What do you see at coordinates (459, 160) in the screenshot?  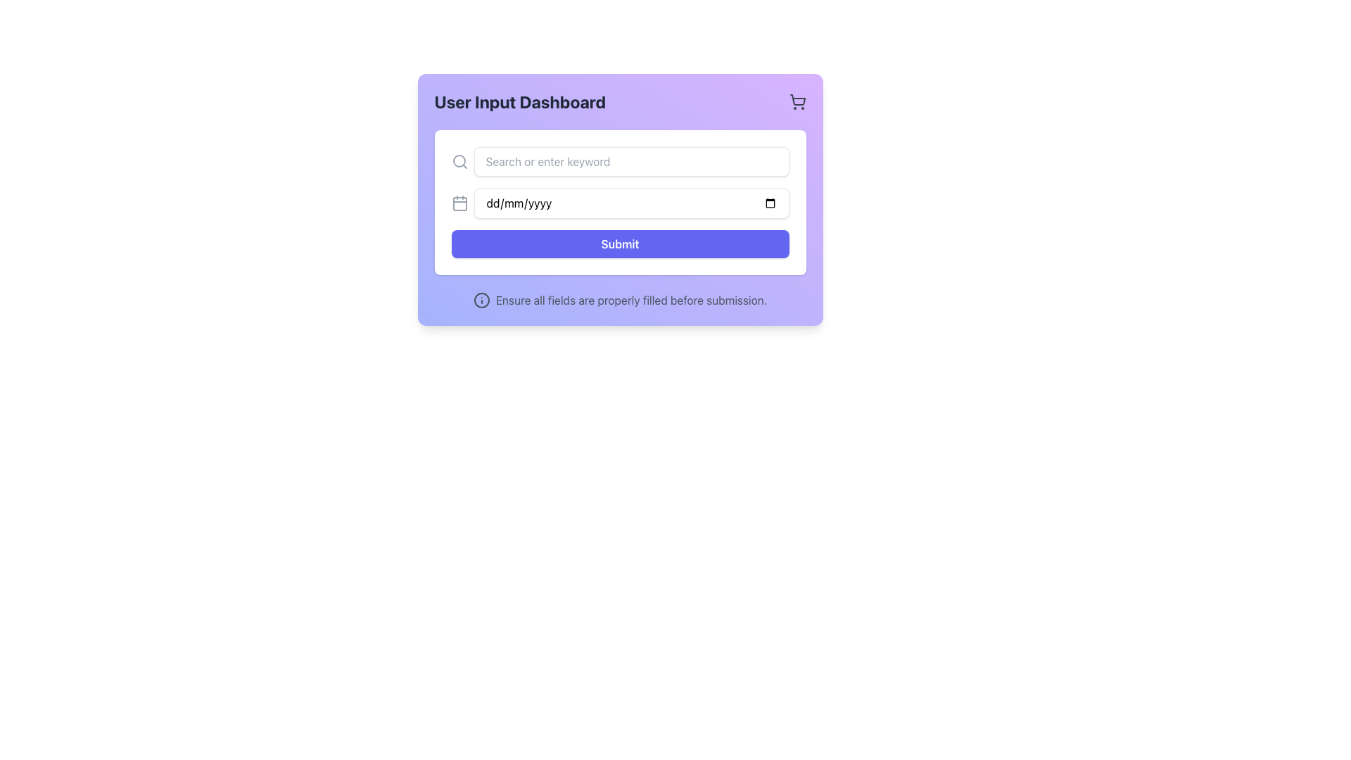 I see `the circular icon component within the magnifying glass SVG, which signifies the search feature, located at the specified coordinates` at bounding box center [459, 160].